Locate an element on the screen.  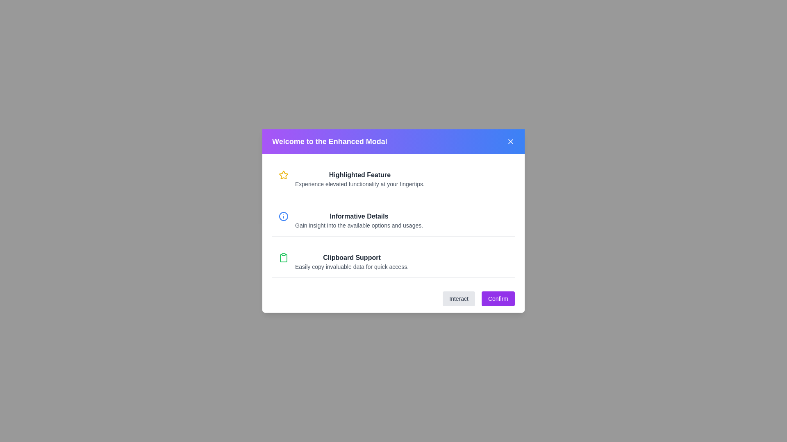
the blue circular icon with an information symbol (the letter 'i') in the center, located in the modal dialog to the left of the text 'Informative Details' is located at coordinates (283, 216).